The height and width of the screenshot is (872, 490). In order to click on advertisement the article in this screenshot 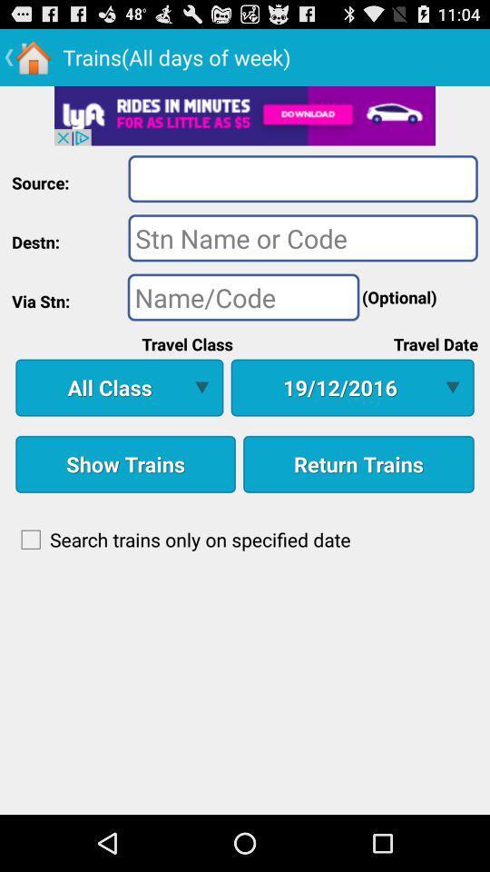, I will do `click(245, 114)`.